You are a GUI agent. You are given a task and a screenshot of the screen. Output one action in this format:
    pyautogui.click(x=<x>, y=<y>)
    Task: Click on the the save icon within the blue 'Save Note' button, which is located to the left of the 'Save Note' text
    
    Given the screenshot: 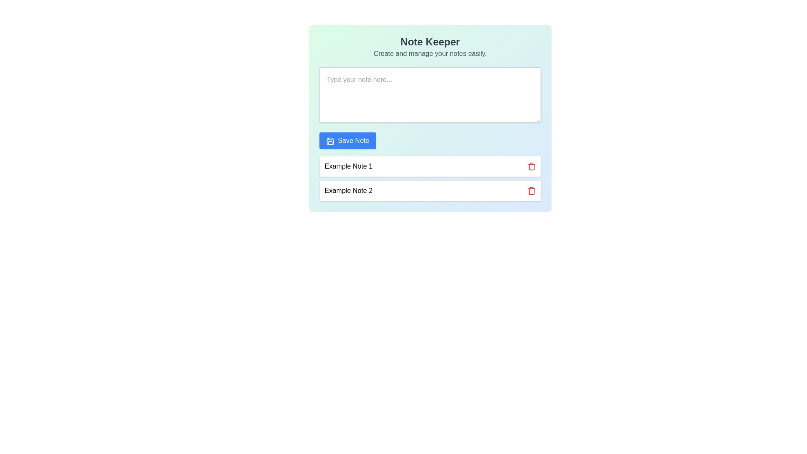 What is the action you would take?
    pyautogui.click(x=330, y=140)
    